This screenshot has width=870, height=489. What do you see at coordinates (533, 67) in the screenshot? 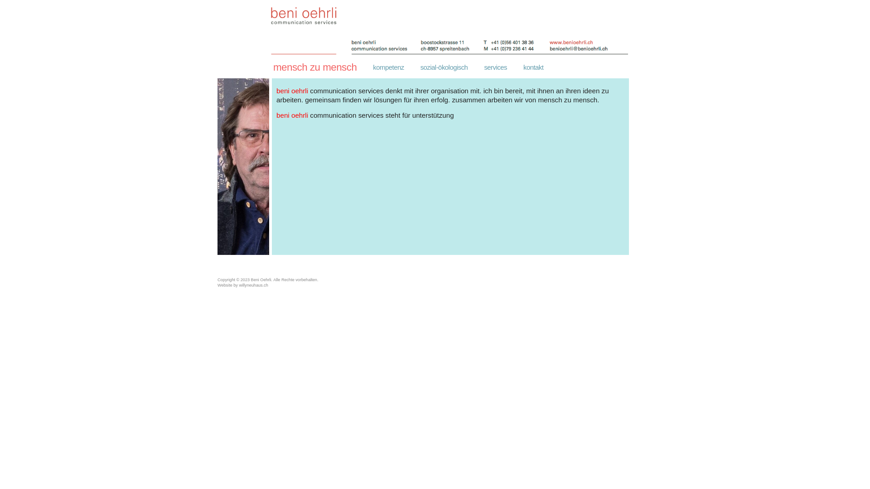
I see `'kontakt'` at bounding box center [533, 67].